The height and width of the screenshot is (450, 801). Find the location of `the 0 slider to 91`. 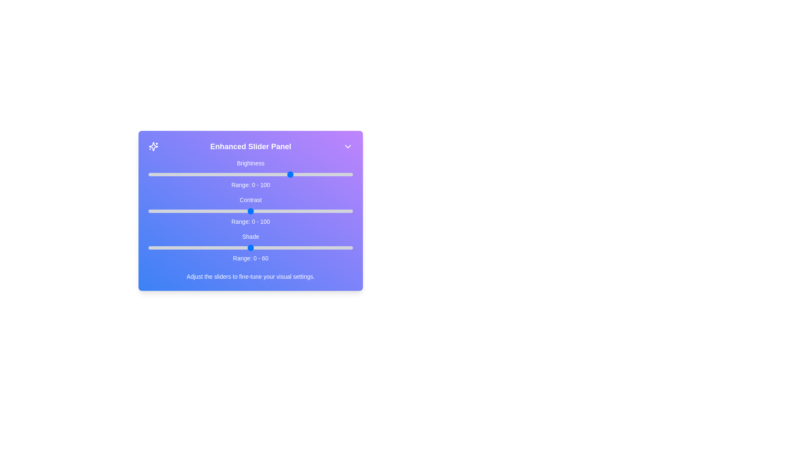

the 0 slider to 91 is located at coordinates (334, 174).